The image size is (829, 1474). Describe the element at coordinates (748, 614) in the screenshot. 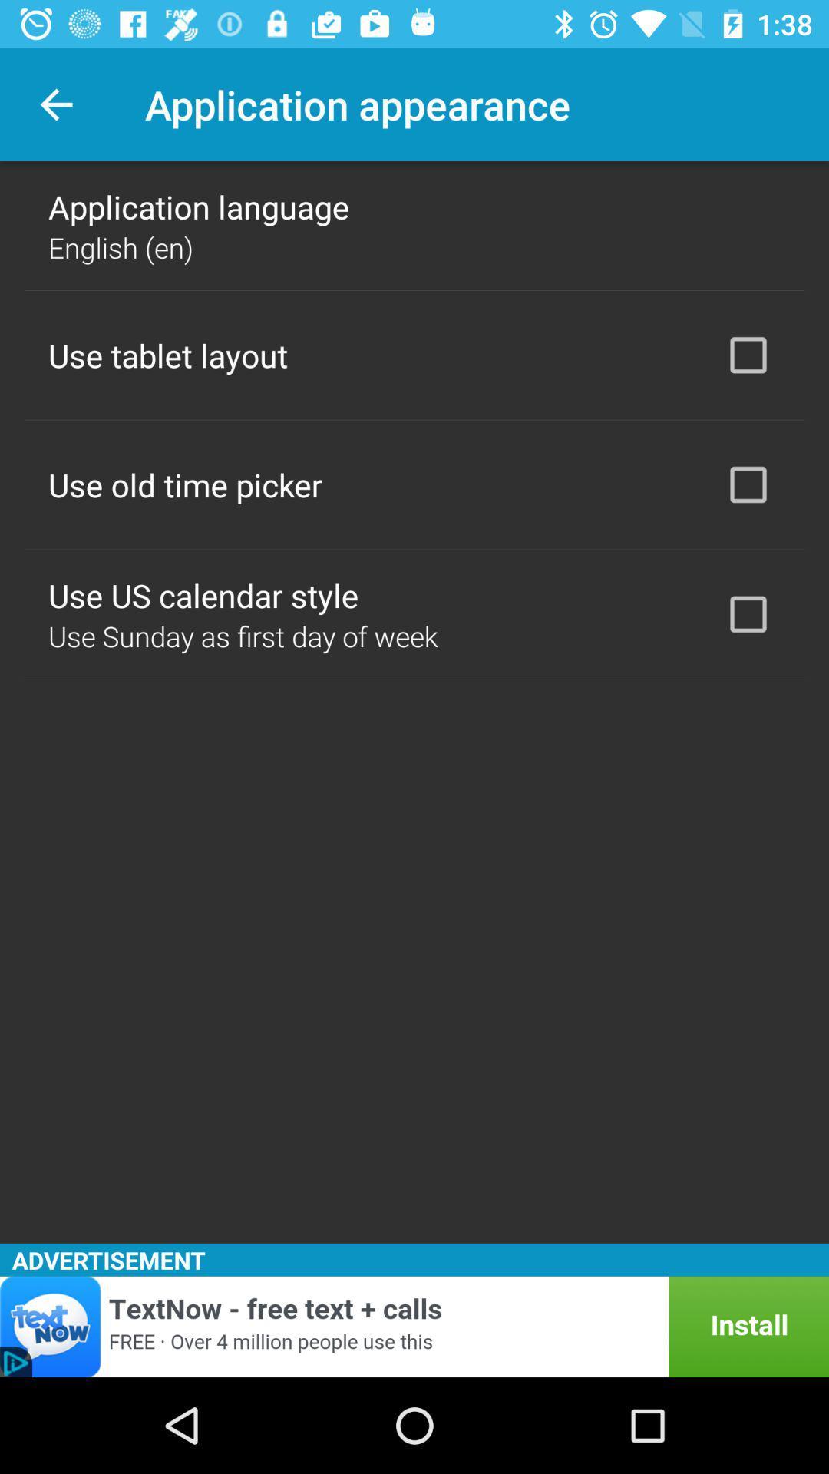

I see `item next to the use us calendar icon` at that location.